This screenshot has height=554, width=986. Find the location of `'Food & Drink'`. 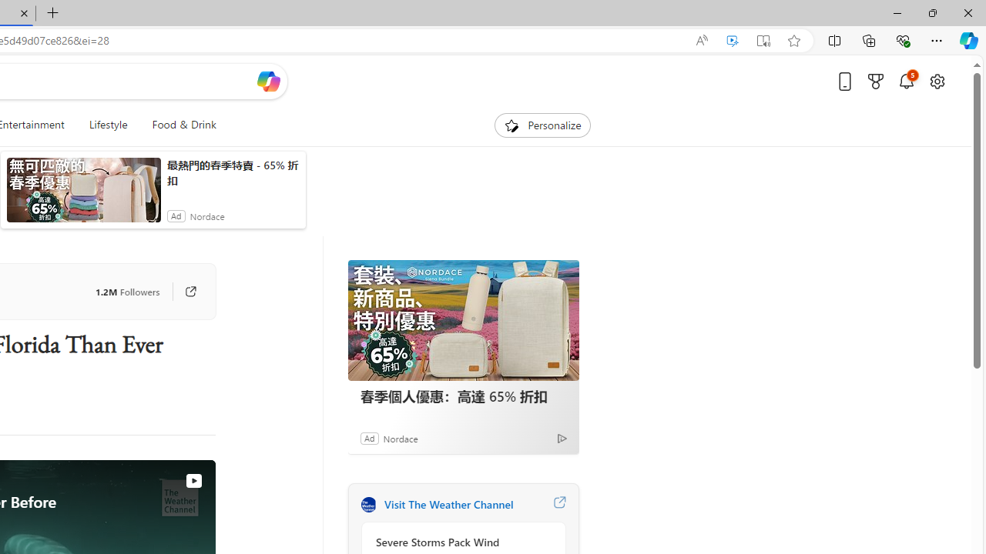

'Food & Drink' is located at coordinates (178, 125).